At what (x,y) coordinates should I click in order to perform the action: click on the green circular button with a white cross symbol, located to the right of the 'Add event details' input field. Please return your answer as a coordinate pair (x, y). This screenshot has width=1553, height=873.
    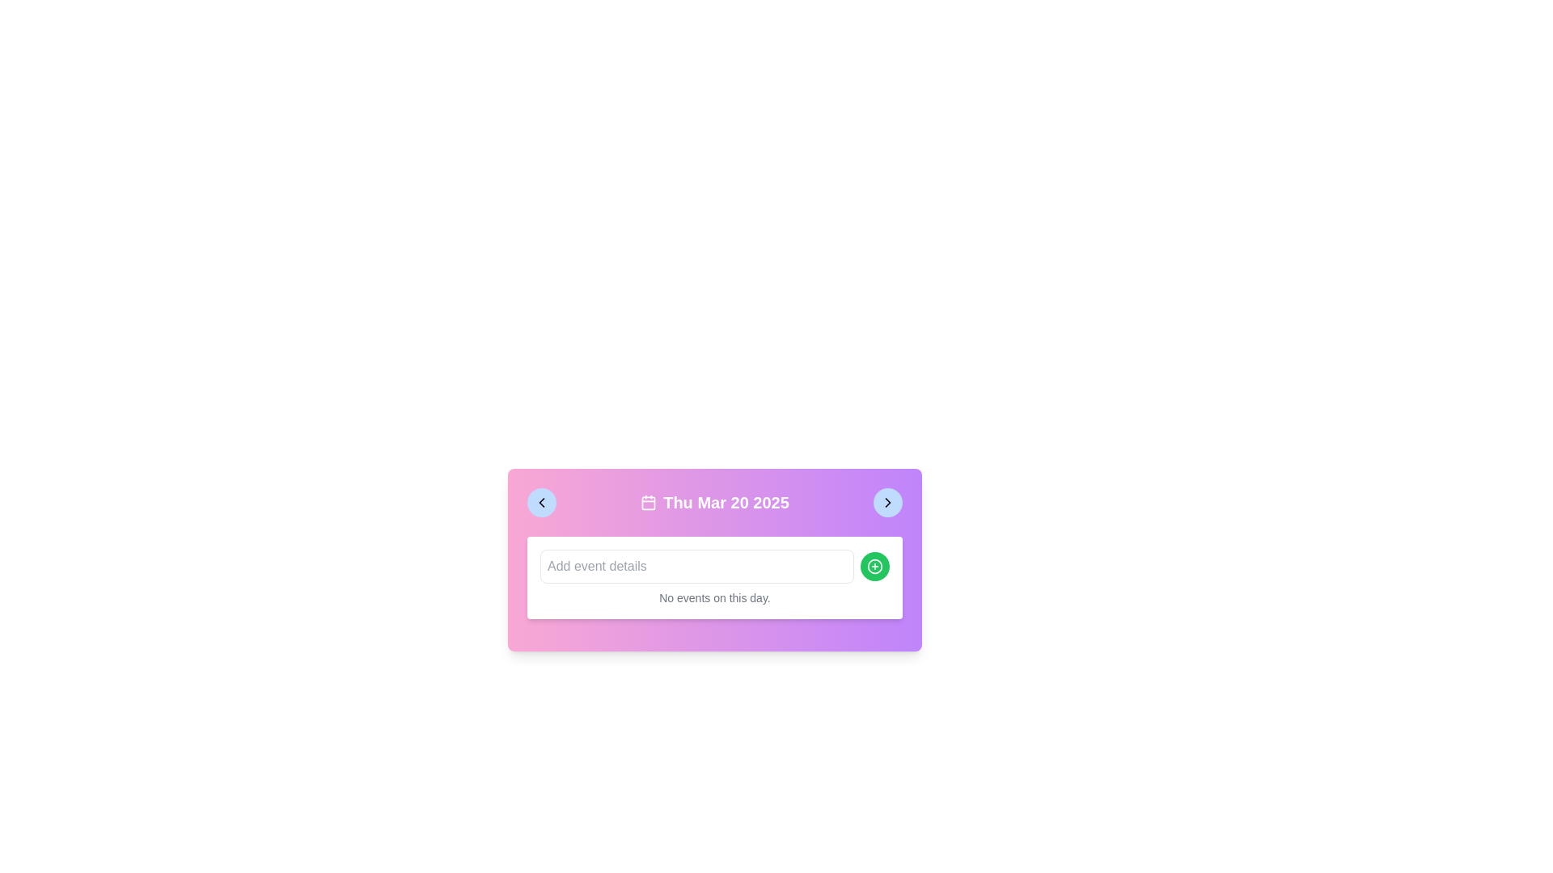
    Looking at the image, I should click on (874, 566).